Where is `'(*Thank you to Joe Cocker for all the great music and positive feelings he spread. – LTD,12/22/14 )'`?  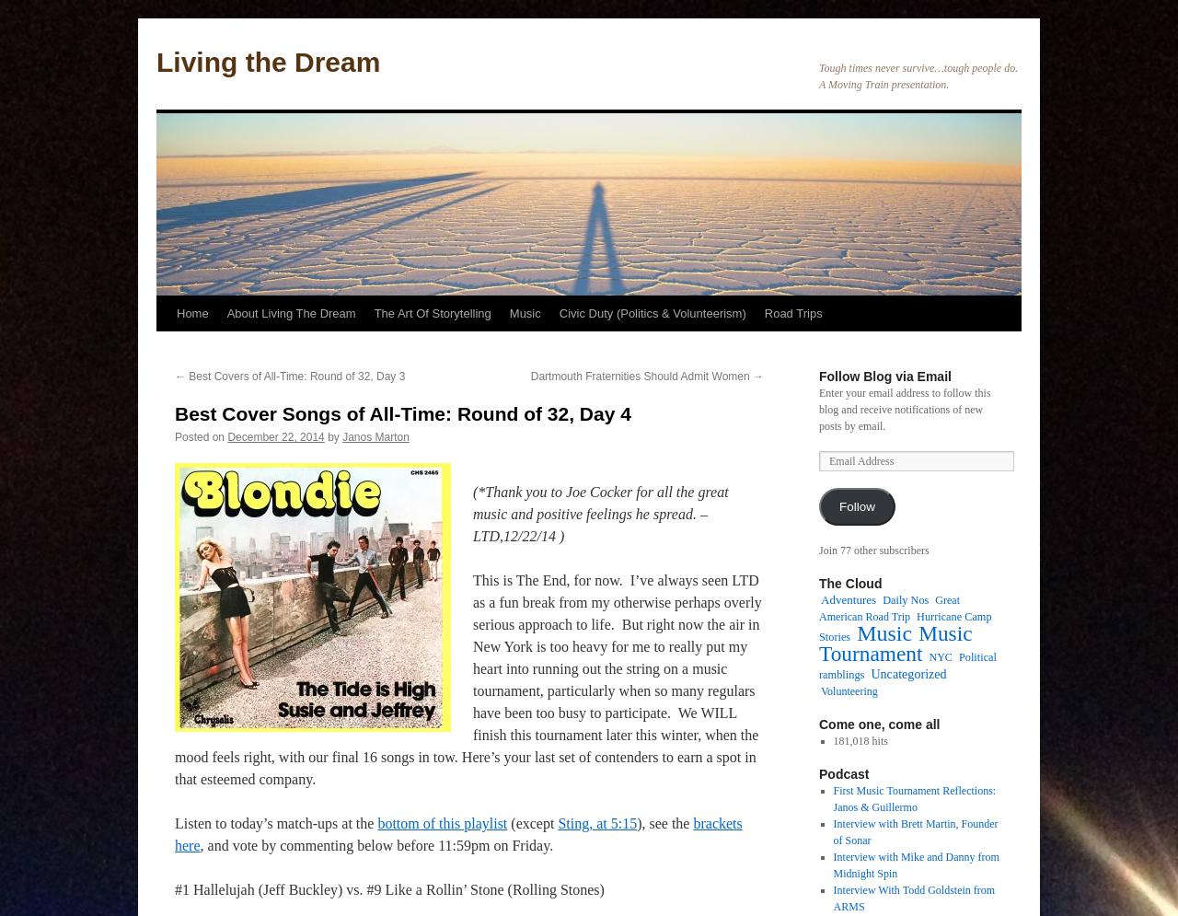
'(*Thank you to Joe Cocker for all the great music and positive feelings he spread. – LTD,12/22/14 )' is located at coordinates (473, 514).